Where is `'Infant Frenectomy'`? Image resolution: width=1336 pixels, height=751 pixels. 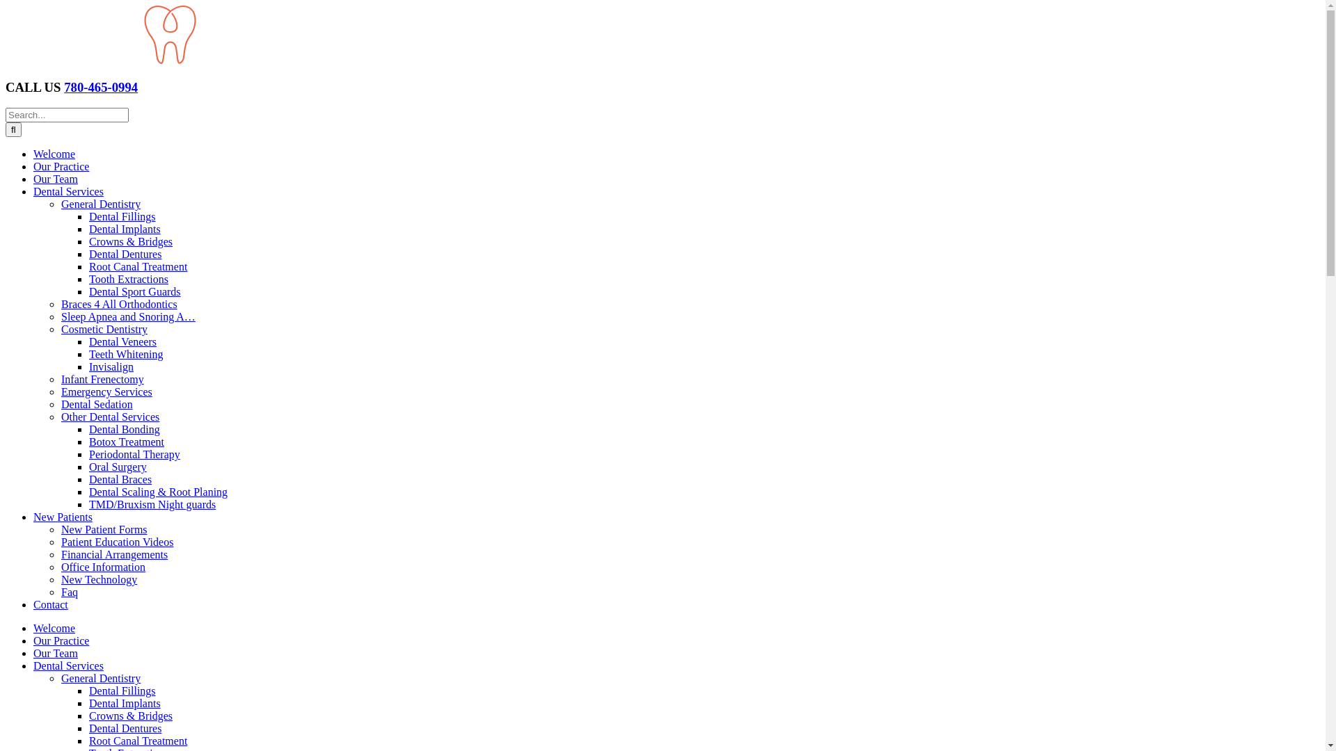 'Infant Frenectomy' is located at coordinates (102, 379).